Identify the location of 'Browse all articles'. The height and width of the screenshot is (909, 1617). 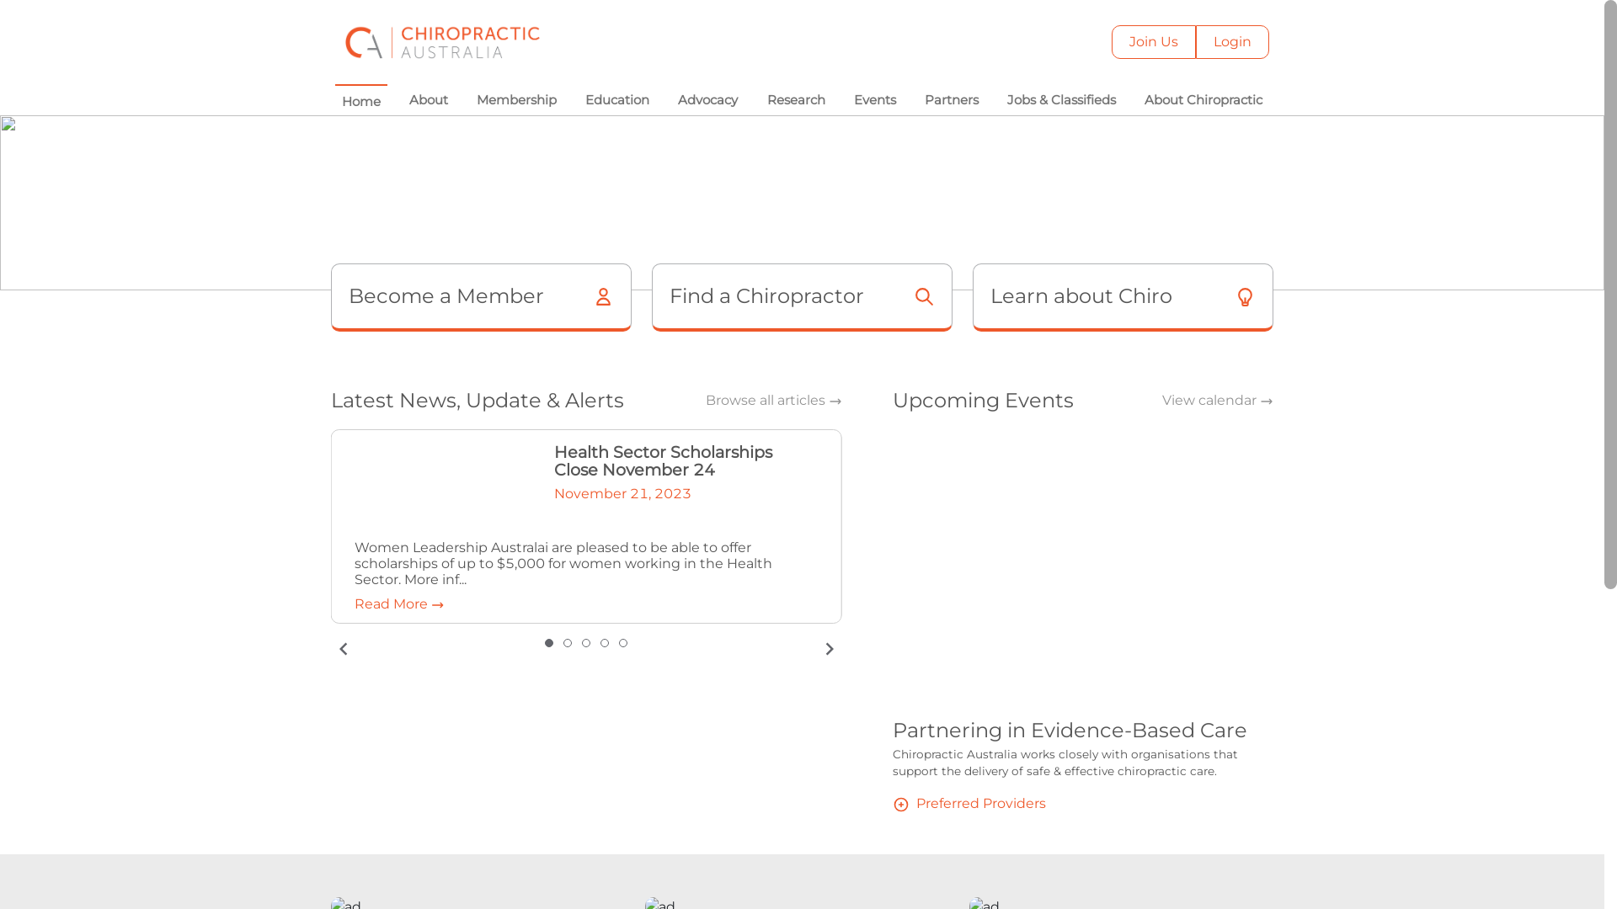
(772, 400).